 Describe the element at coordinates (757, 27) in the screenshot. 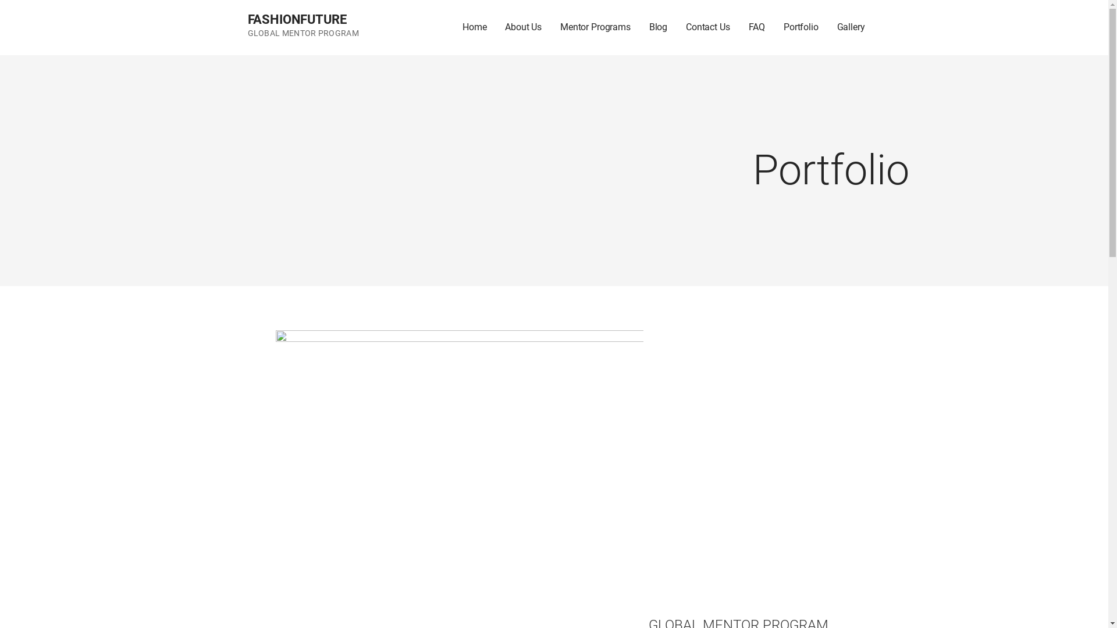

I see `'FAQ'` at that location.